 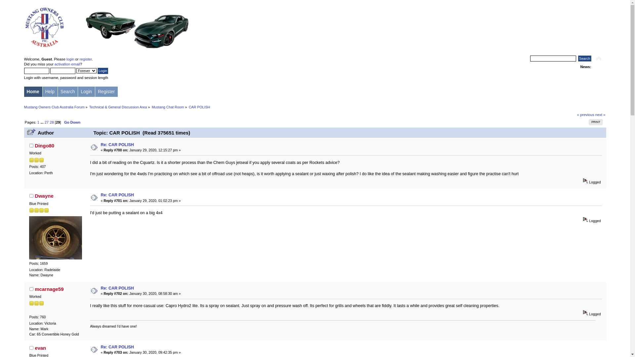 I want to click on 'Search', so click(x=68, y=92).